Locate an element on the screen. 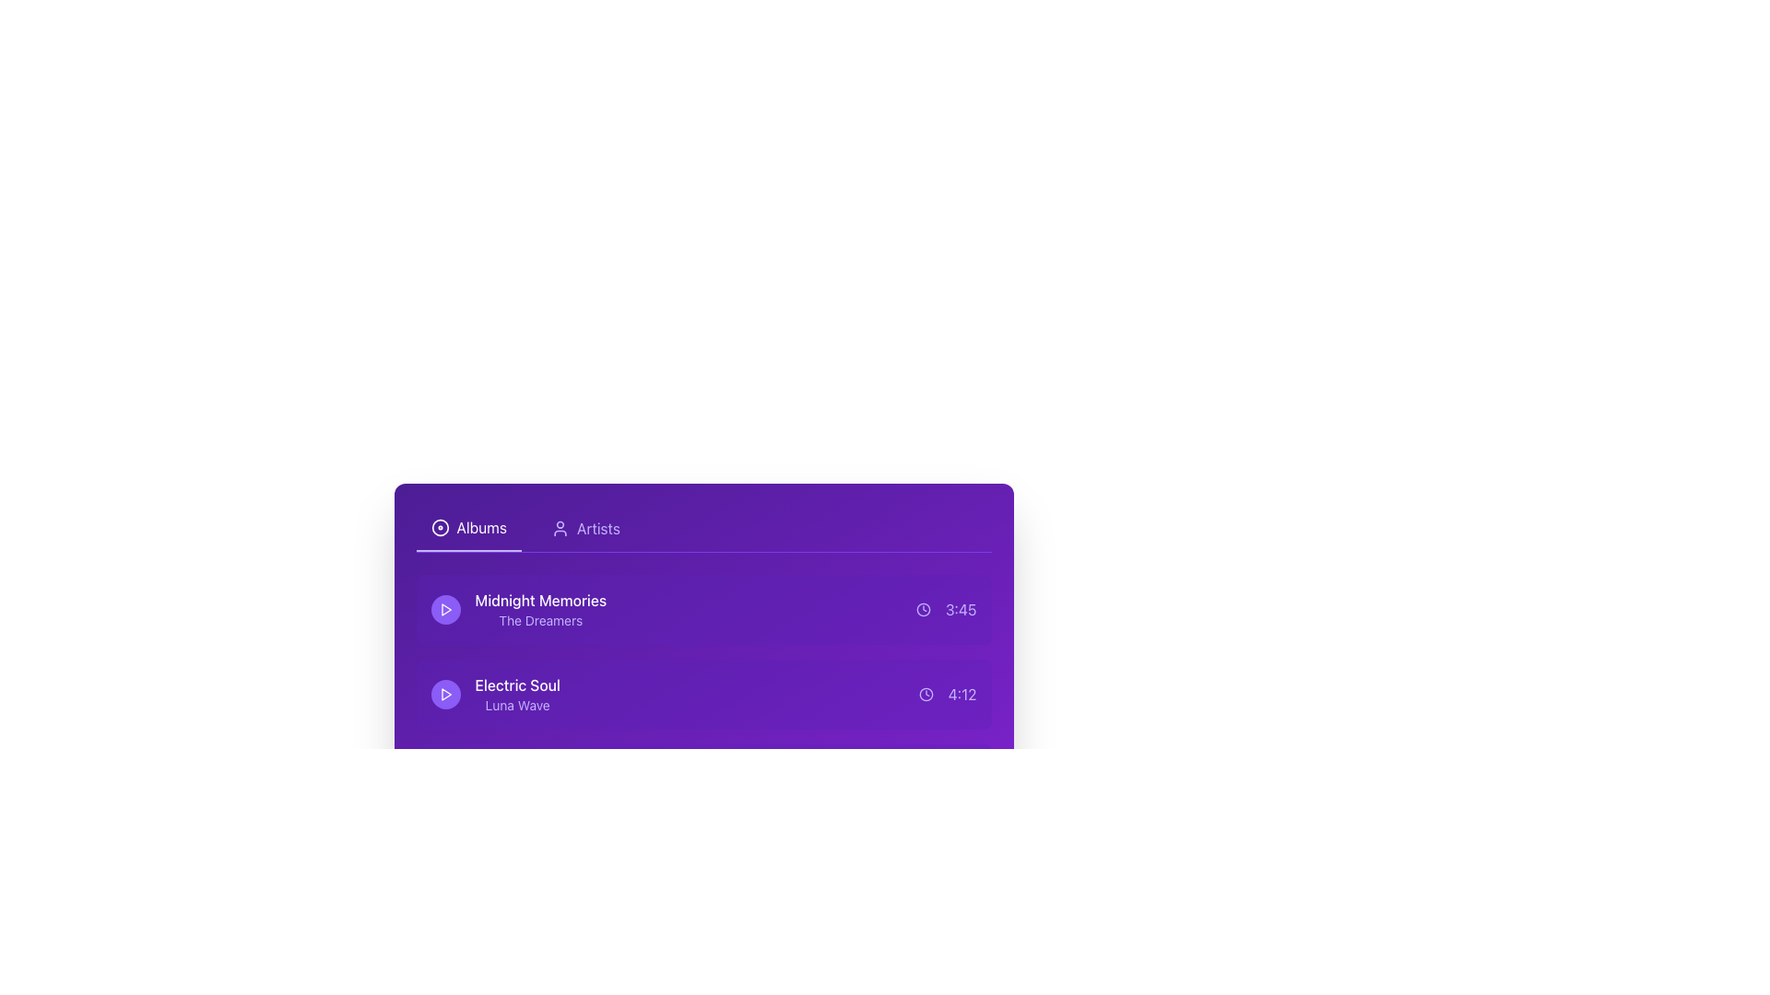 Image resolution: width=1770 pixels, height=995 pixels. the text label displaying 'Luna Wave', which is styled in violet and located under 'Electric Soul' in the purple-themed interface is located at coordinates (516, 705).